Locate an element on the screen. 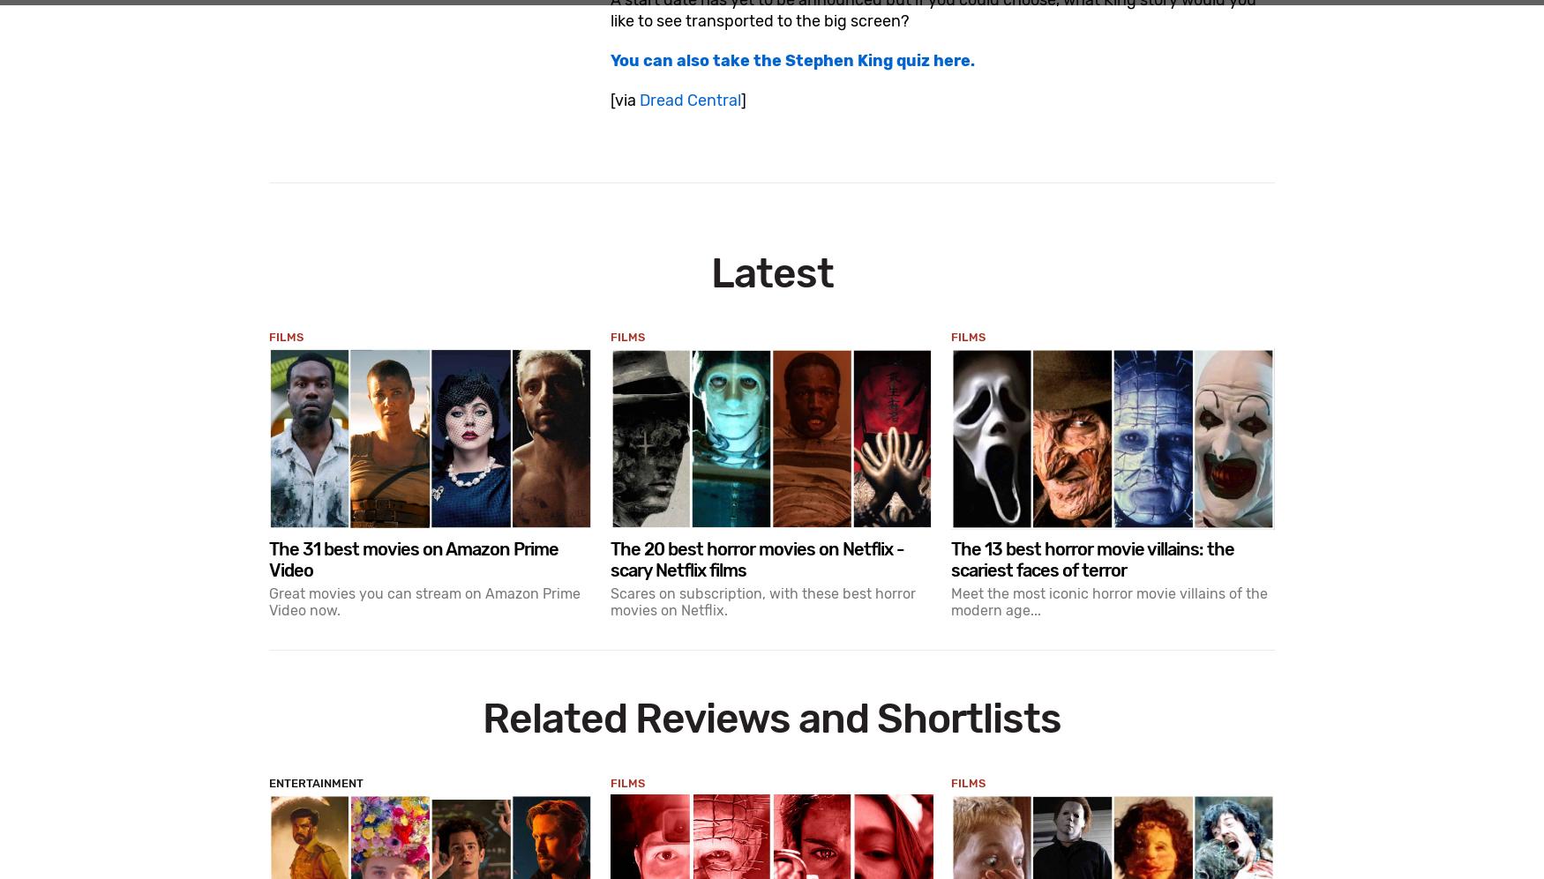  '[via' is located at coordinates (624, 99).